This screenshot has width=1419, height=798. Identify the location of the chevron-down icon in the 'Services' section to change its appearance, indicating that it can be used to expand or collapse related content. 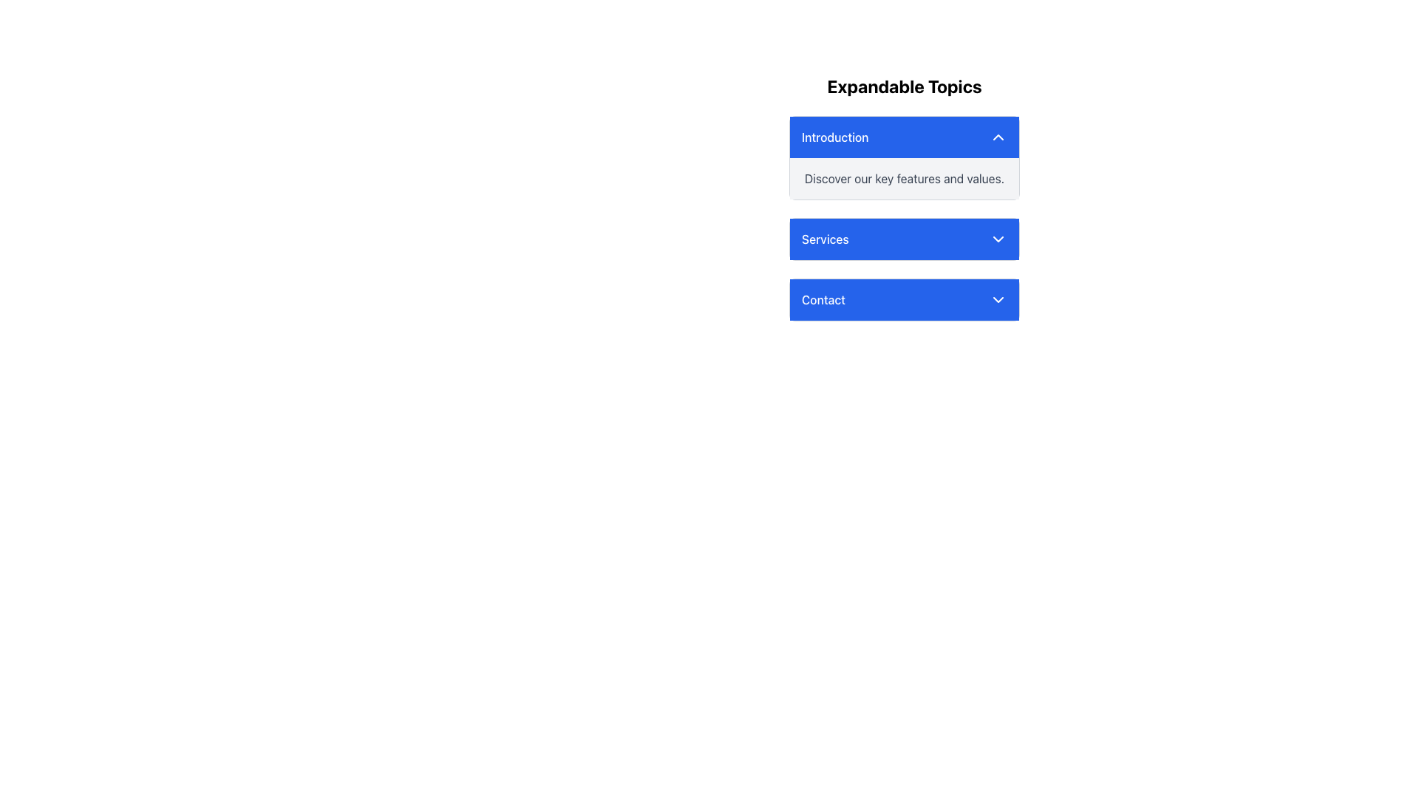
(998, 239).